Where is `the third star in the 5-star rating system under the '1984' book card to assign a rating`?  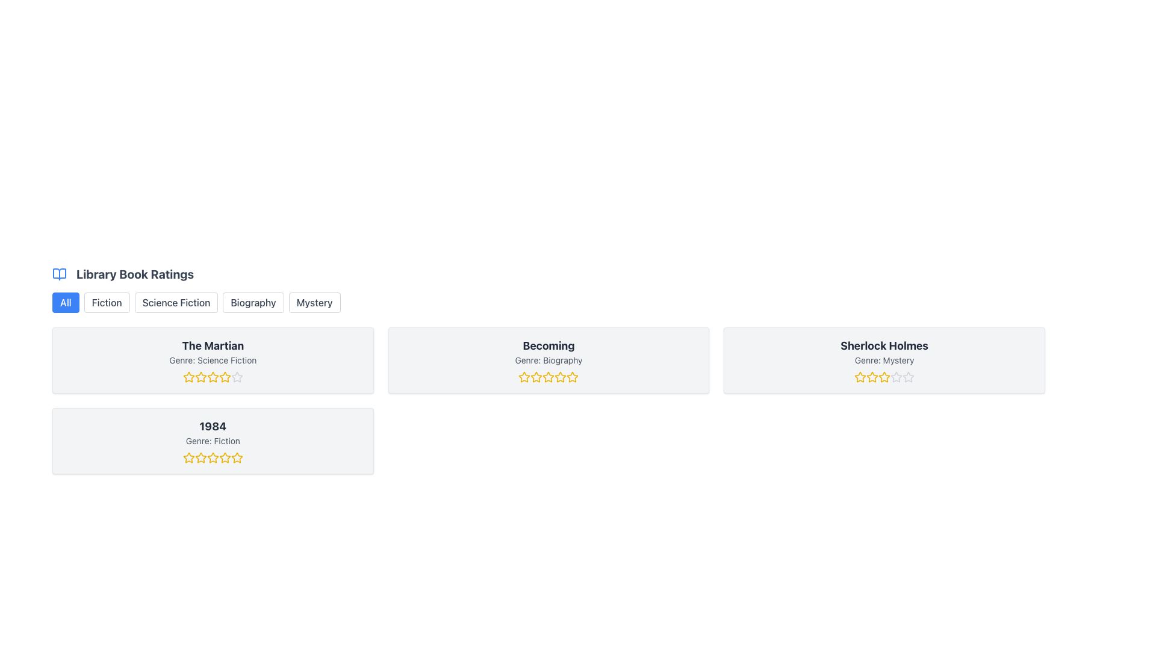
the third star in the 5-star rating system under the '1984' book card to assign a rating is located at coordinates (213, 457).